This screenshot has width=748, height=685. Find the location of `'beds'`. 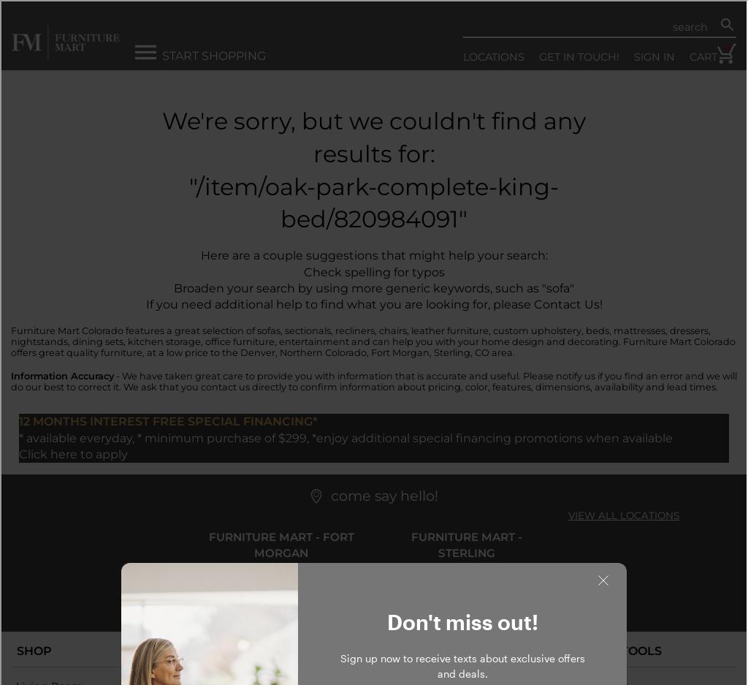

'beds' is located at coordinates (596, 329).